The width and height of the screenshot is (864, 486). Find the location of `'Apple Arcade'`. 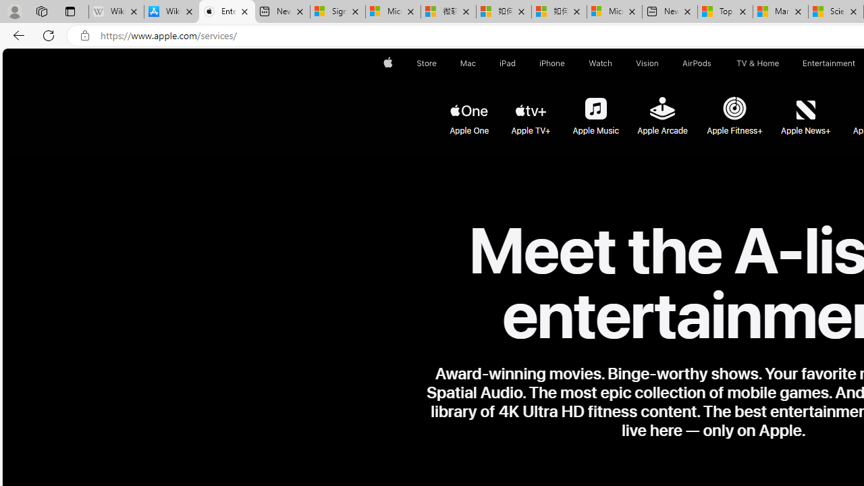

'Apple Arcade' is located at coordinates (661, 109).